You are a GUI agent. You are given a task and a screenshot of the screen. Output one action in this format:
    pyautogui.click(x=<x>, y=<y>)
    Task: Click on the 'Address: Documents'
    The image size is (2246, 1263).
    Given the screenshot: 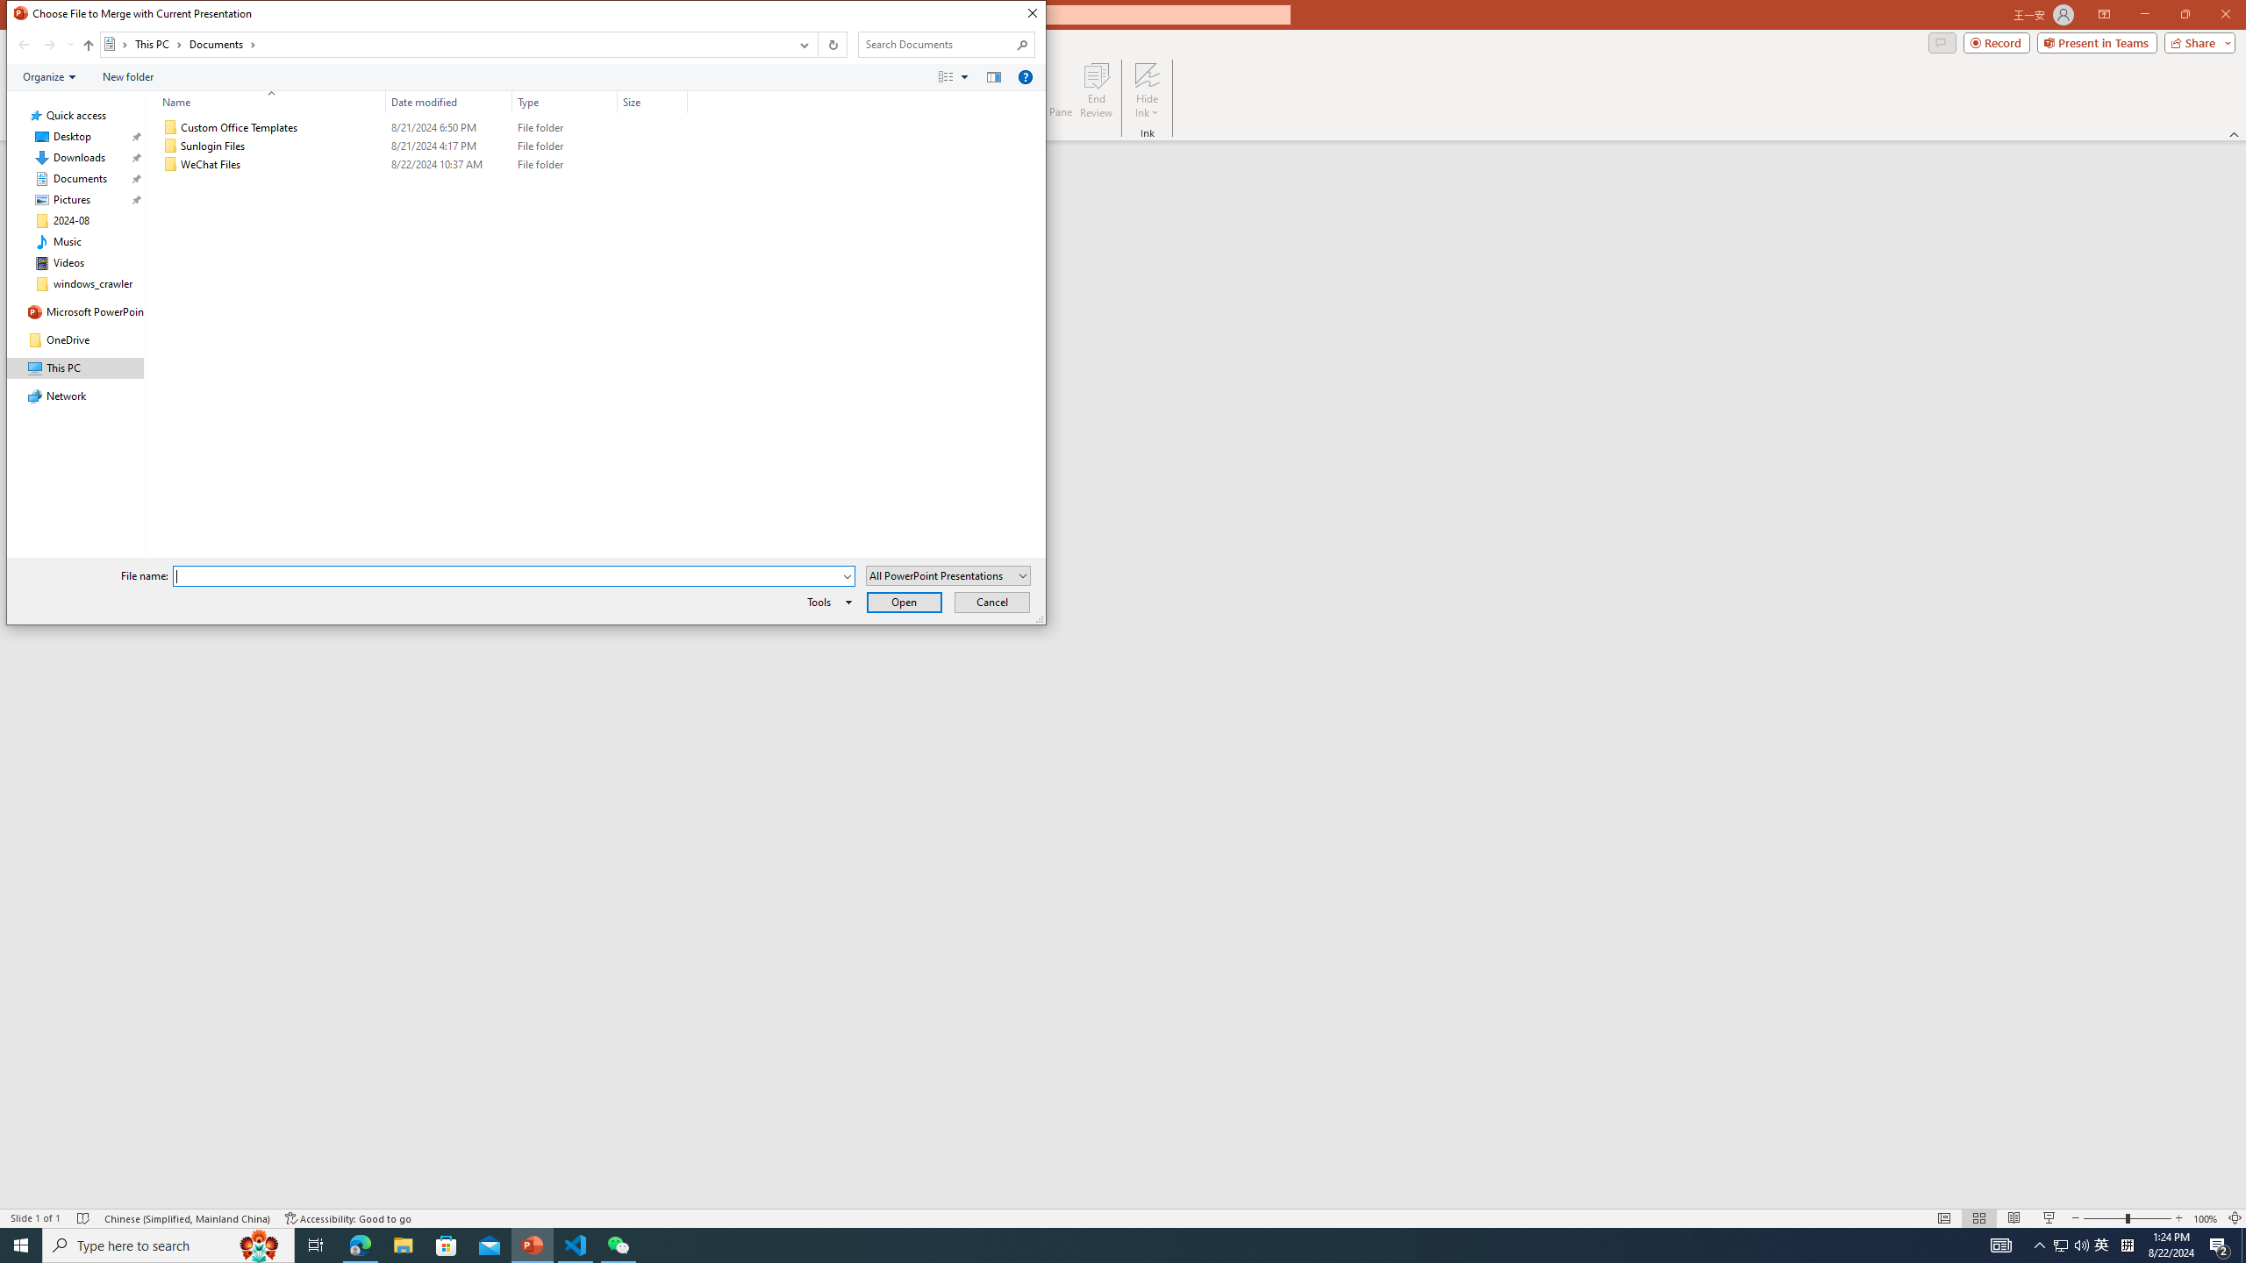 What is the action you would take?
    pyautogui.click(x=443, y=44)
    